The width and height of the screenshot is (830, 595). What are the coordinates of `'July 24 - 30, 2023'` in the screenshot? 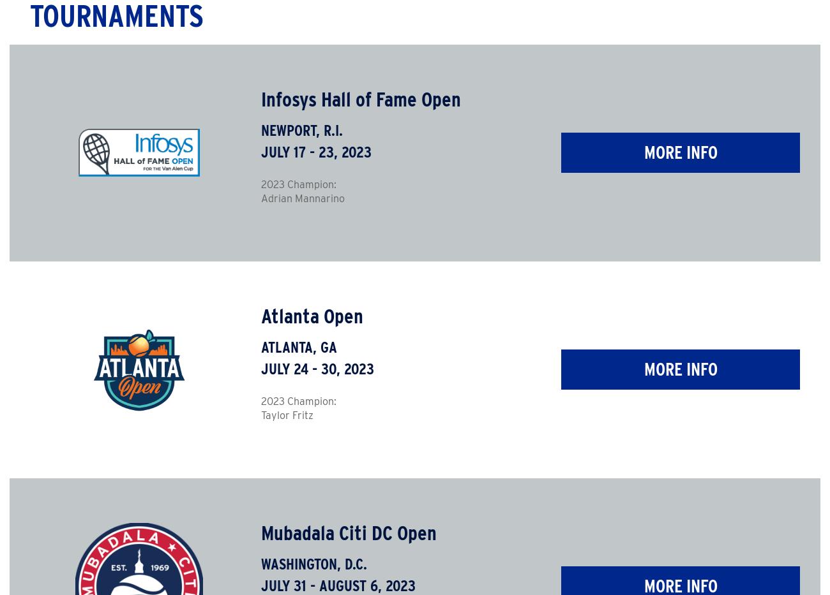 It's located at (317, 368).